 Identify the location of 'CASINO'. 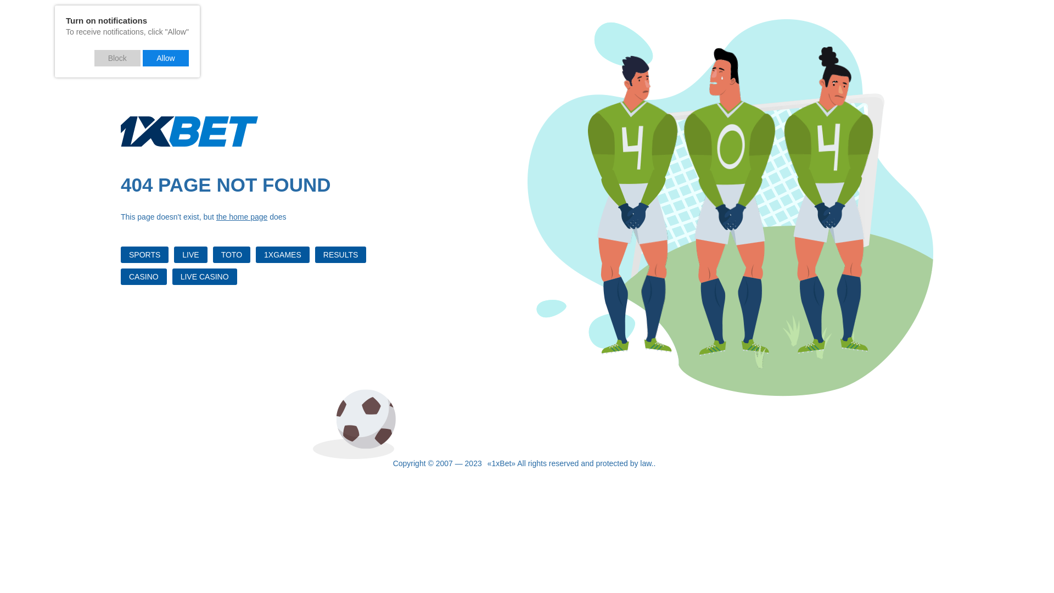
(143, 276).